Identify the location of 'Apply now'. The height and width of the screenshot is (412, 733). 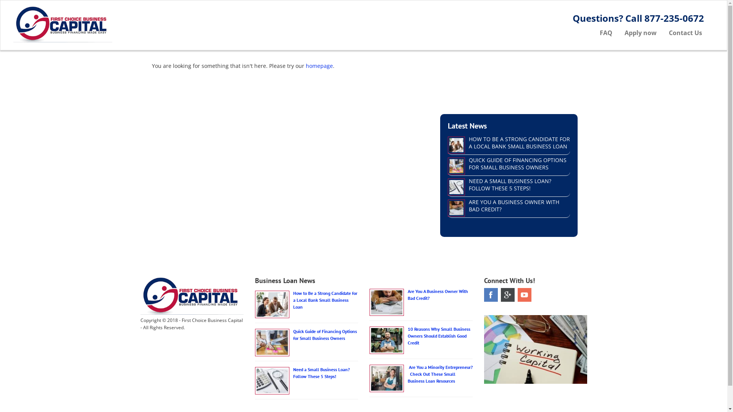
(641, 32).